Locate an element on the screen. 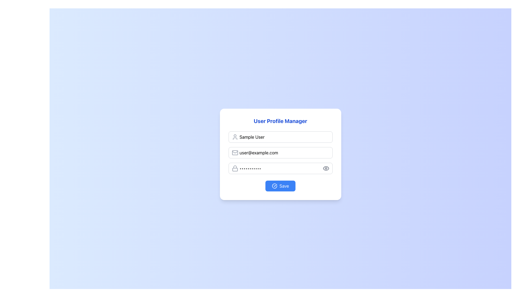 The width and height of the screenshot is (520, 292). within each input field of the user profile management card is located at coordinates (280, 154).